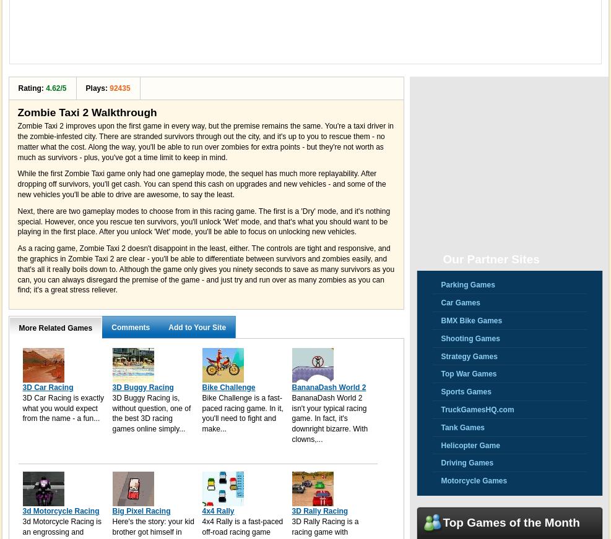  What do you see at coordinates (151, 412) in the screenshot?
I see `'3D Buggy Racing is, without question, one of the best 3D racing games online simply...'` at bounding box center [151, 412].